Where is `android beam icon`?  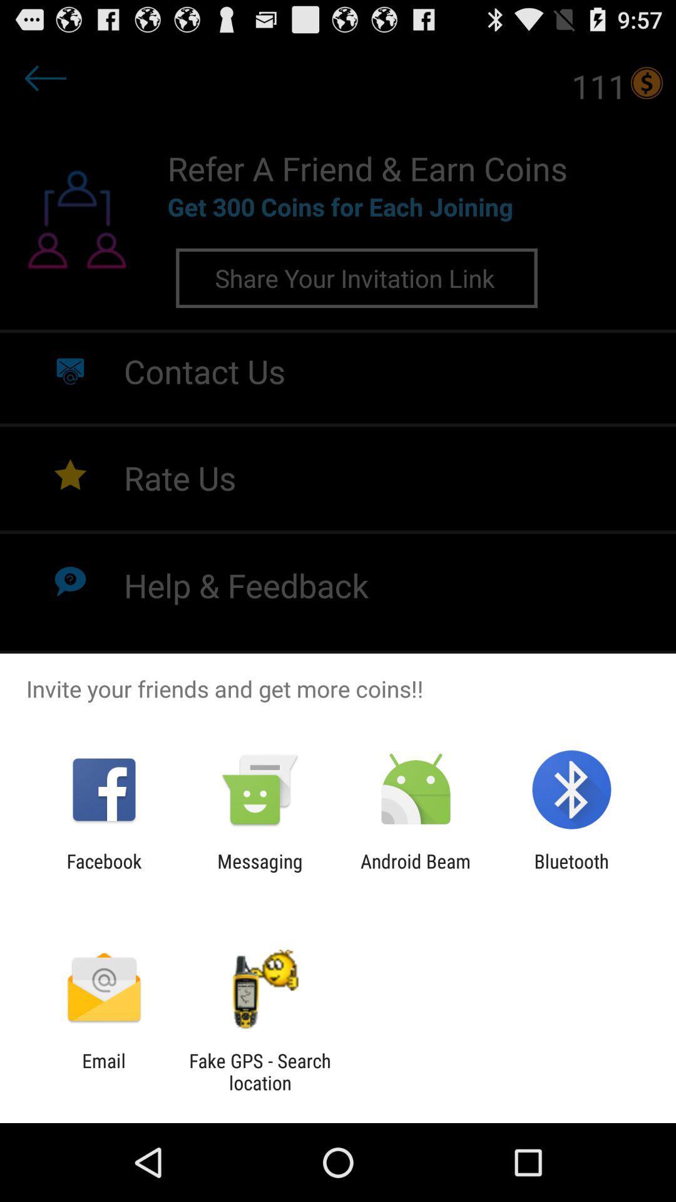
android beam icon is located at coordinates (416, 871).